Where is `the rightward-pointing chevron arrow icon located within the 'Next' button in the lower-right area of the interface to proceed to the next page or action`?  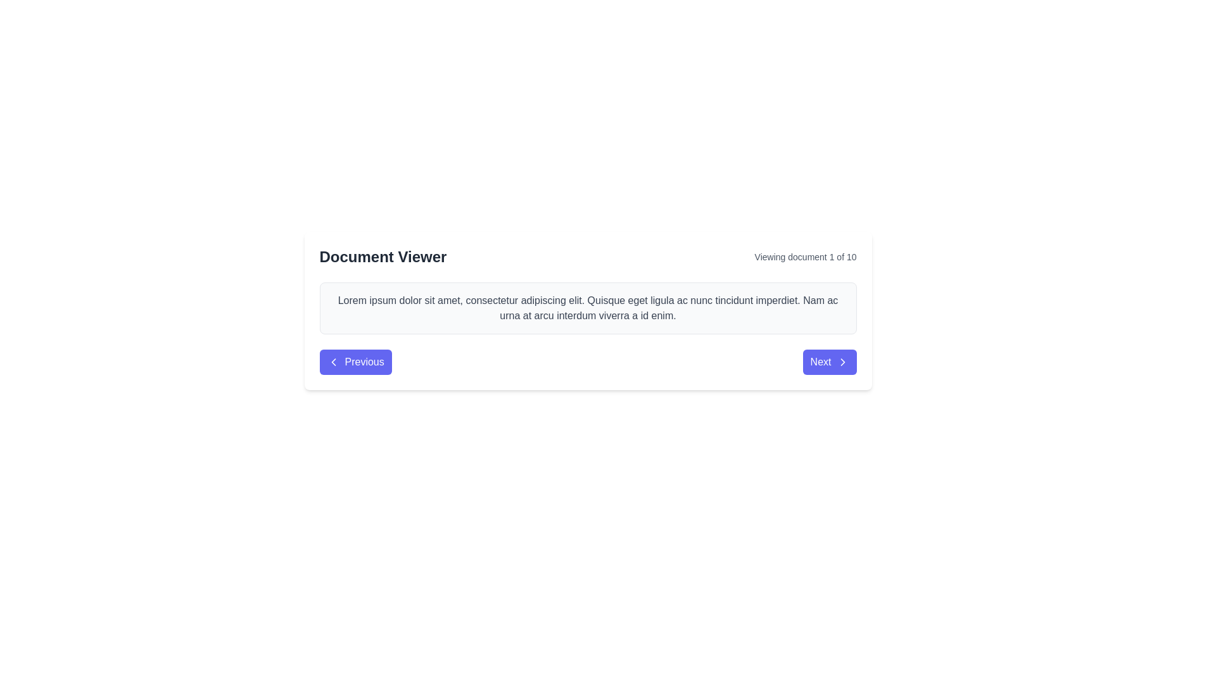 the rightward-pointing chevron arrow icon located within the 'Next' button in the lower-right area of the interface to proceed to the next page or action is located at coordinates (842, 362).